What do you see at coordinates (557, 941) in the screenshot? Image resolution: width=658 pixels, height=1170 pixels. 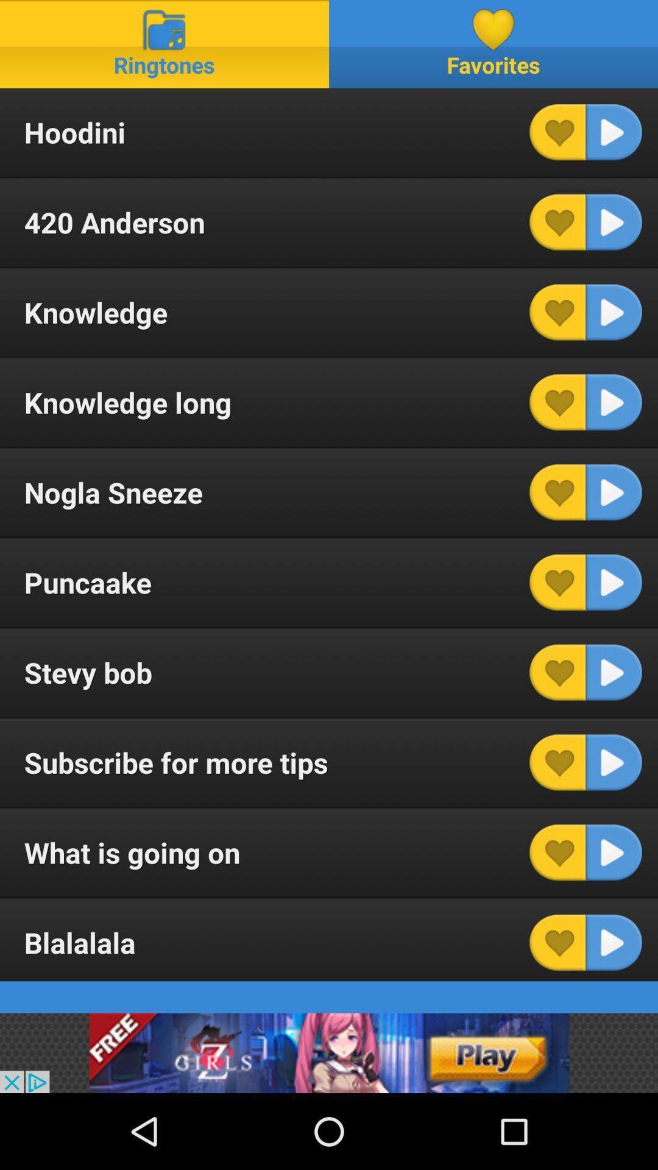 I see `to favourite` at bounding box center [557, 941].